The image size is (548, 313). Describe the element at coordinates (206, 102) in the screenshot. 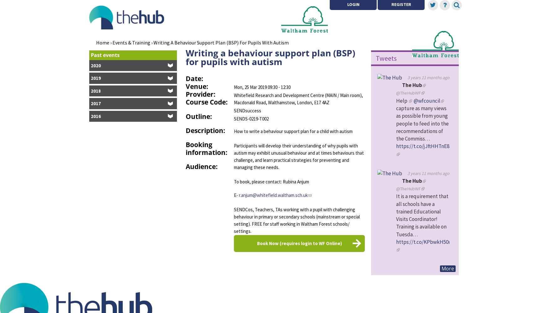

I see `'Course Code:'` at that location.